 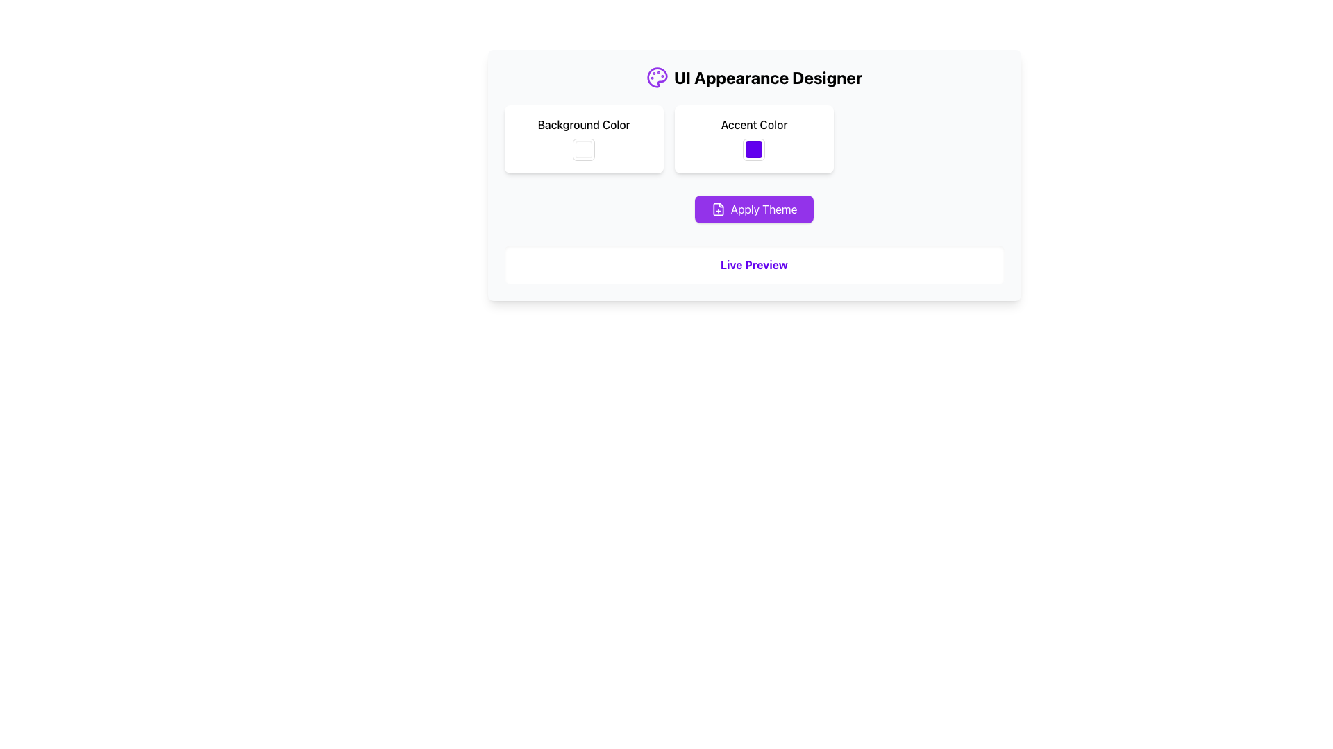 What do you see at coordinates (753, 125) in the screenshot?
I see `the descriptive text label for the 'Accent Color' setting, which is centrally aligned in the second column of the color selection settings panel` at bounding box center [753, 125].